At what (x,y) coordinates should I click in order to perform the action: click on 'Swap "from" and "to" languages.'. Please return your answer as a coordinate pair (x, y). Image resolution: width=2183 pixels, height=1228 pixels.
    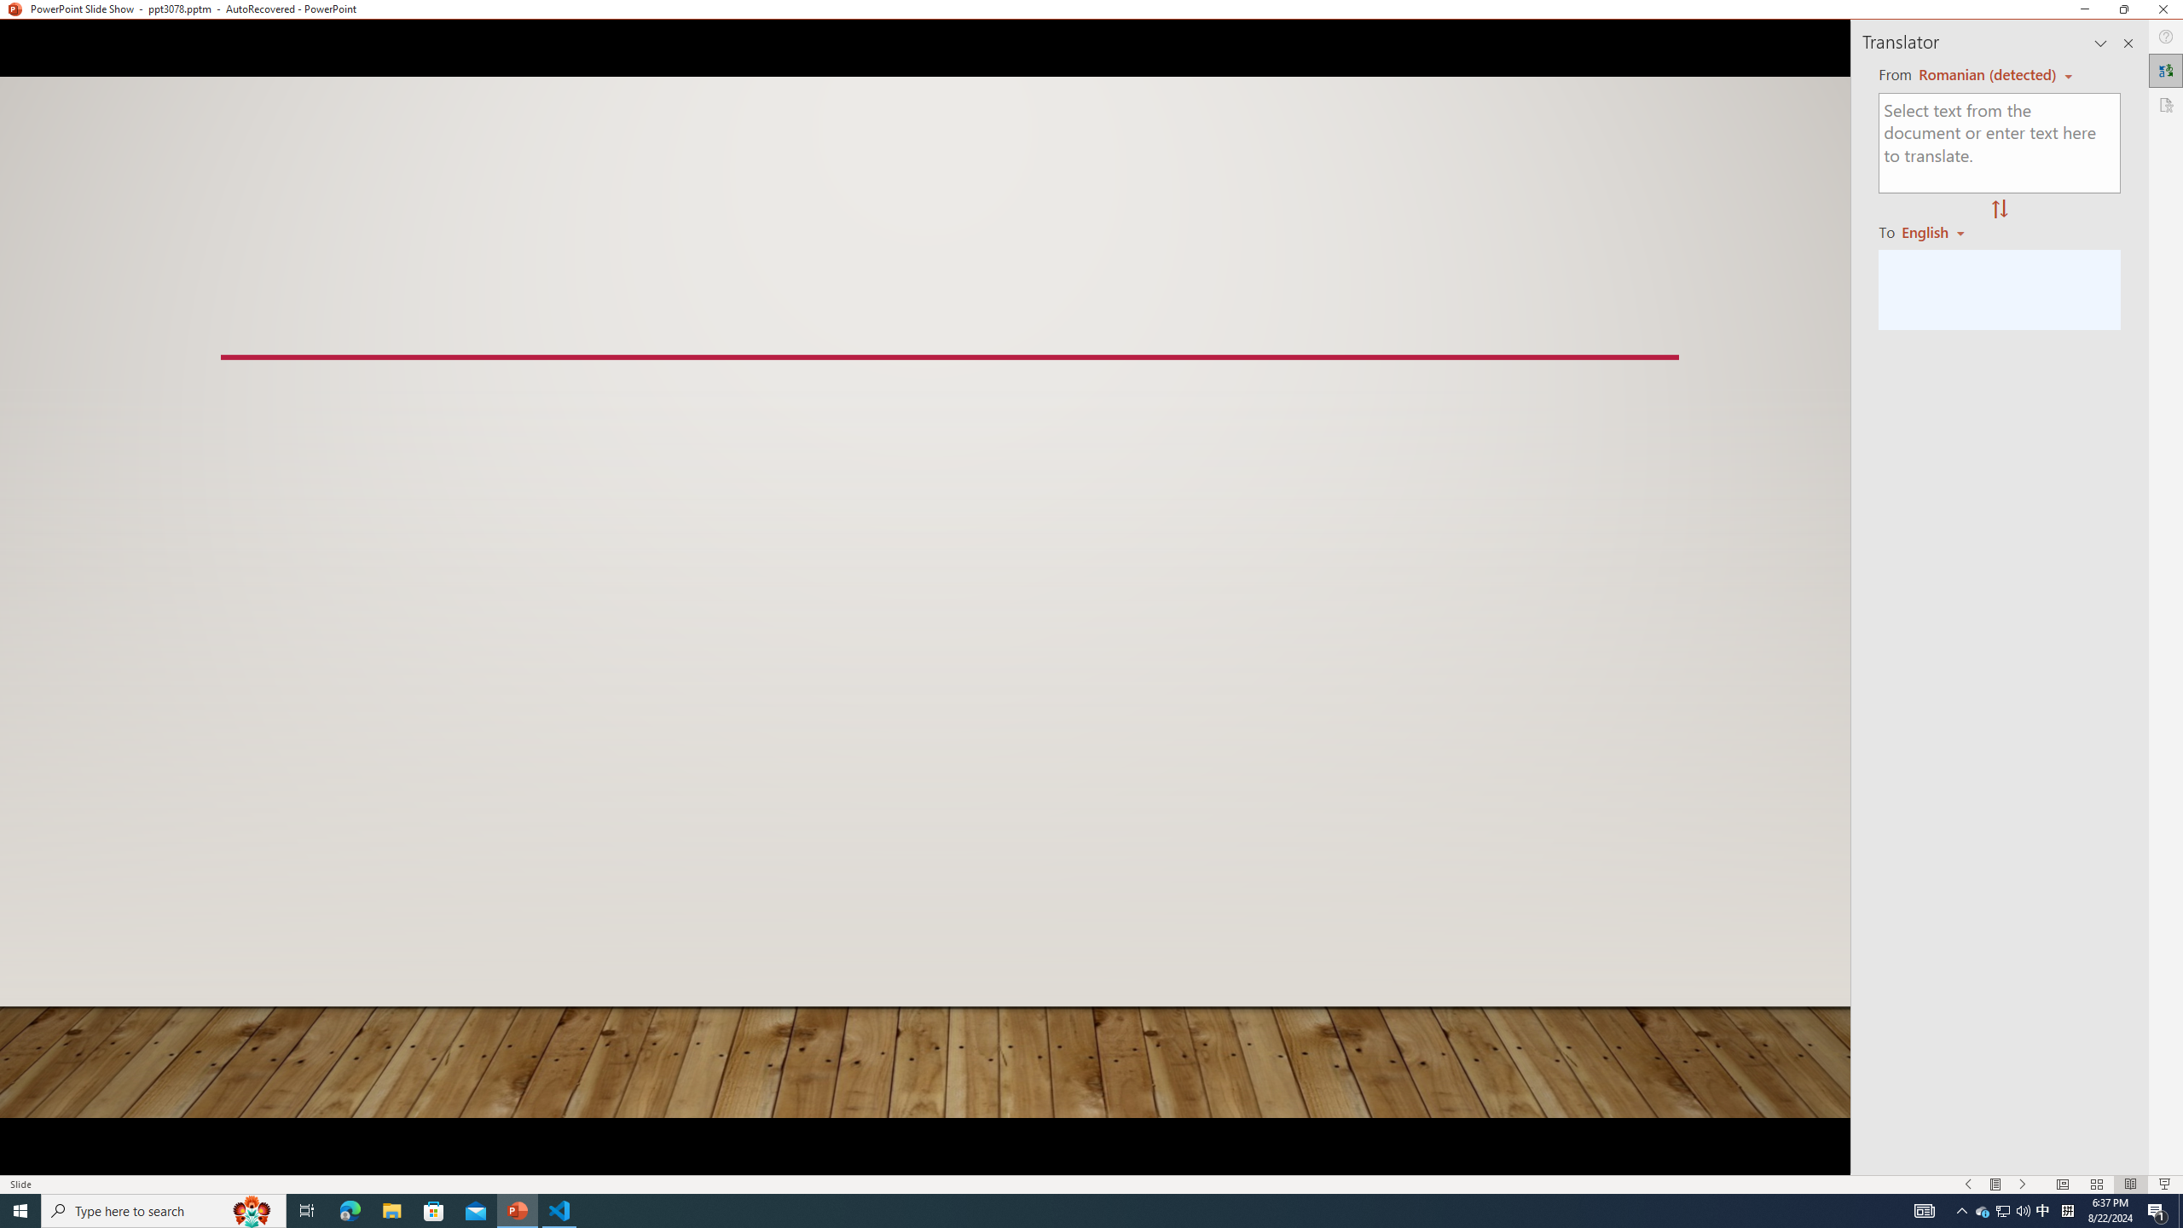
    Looking at the image, I should click on (1998, 209).